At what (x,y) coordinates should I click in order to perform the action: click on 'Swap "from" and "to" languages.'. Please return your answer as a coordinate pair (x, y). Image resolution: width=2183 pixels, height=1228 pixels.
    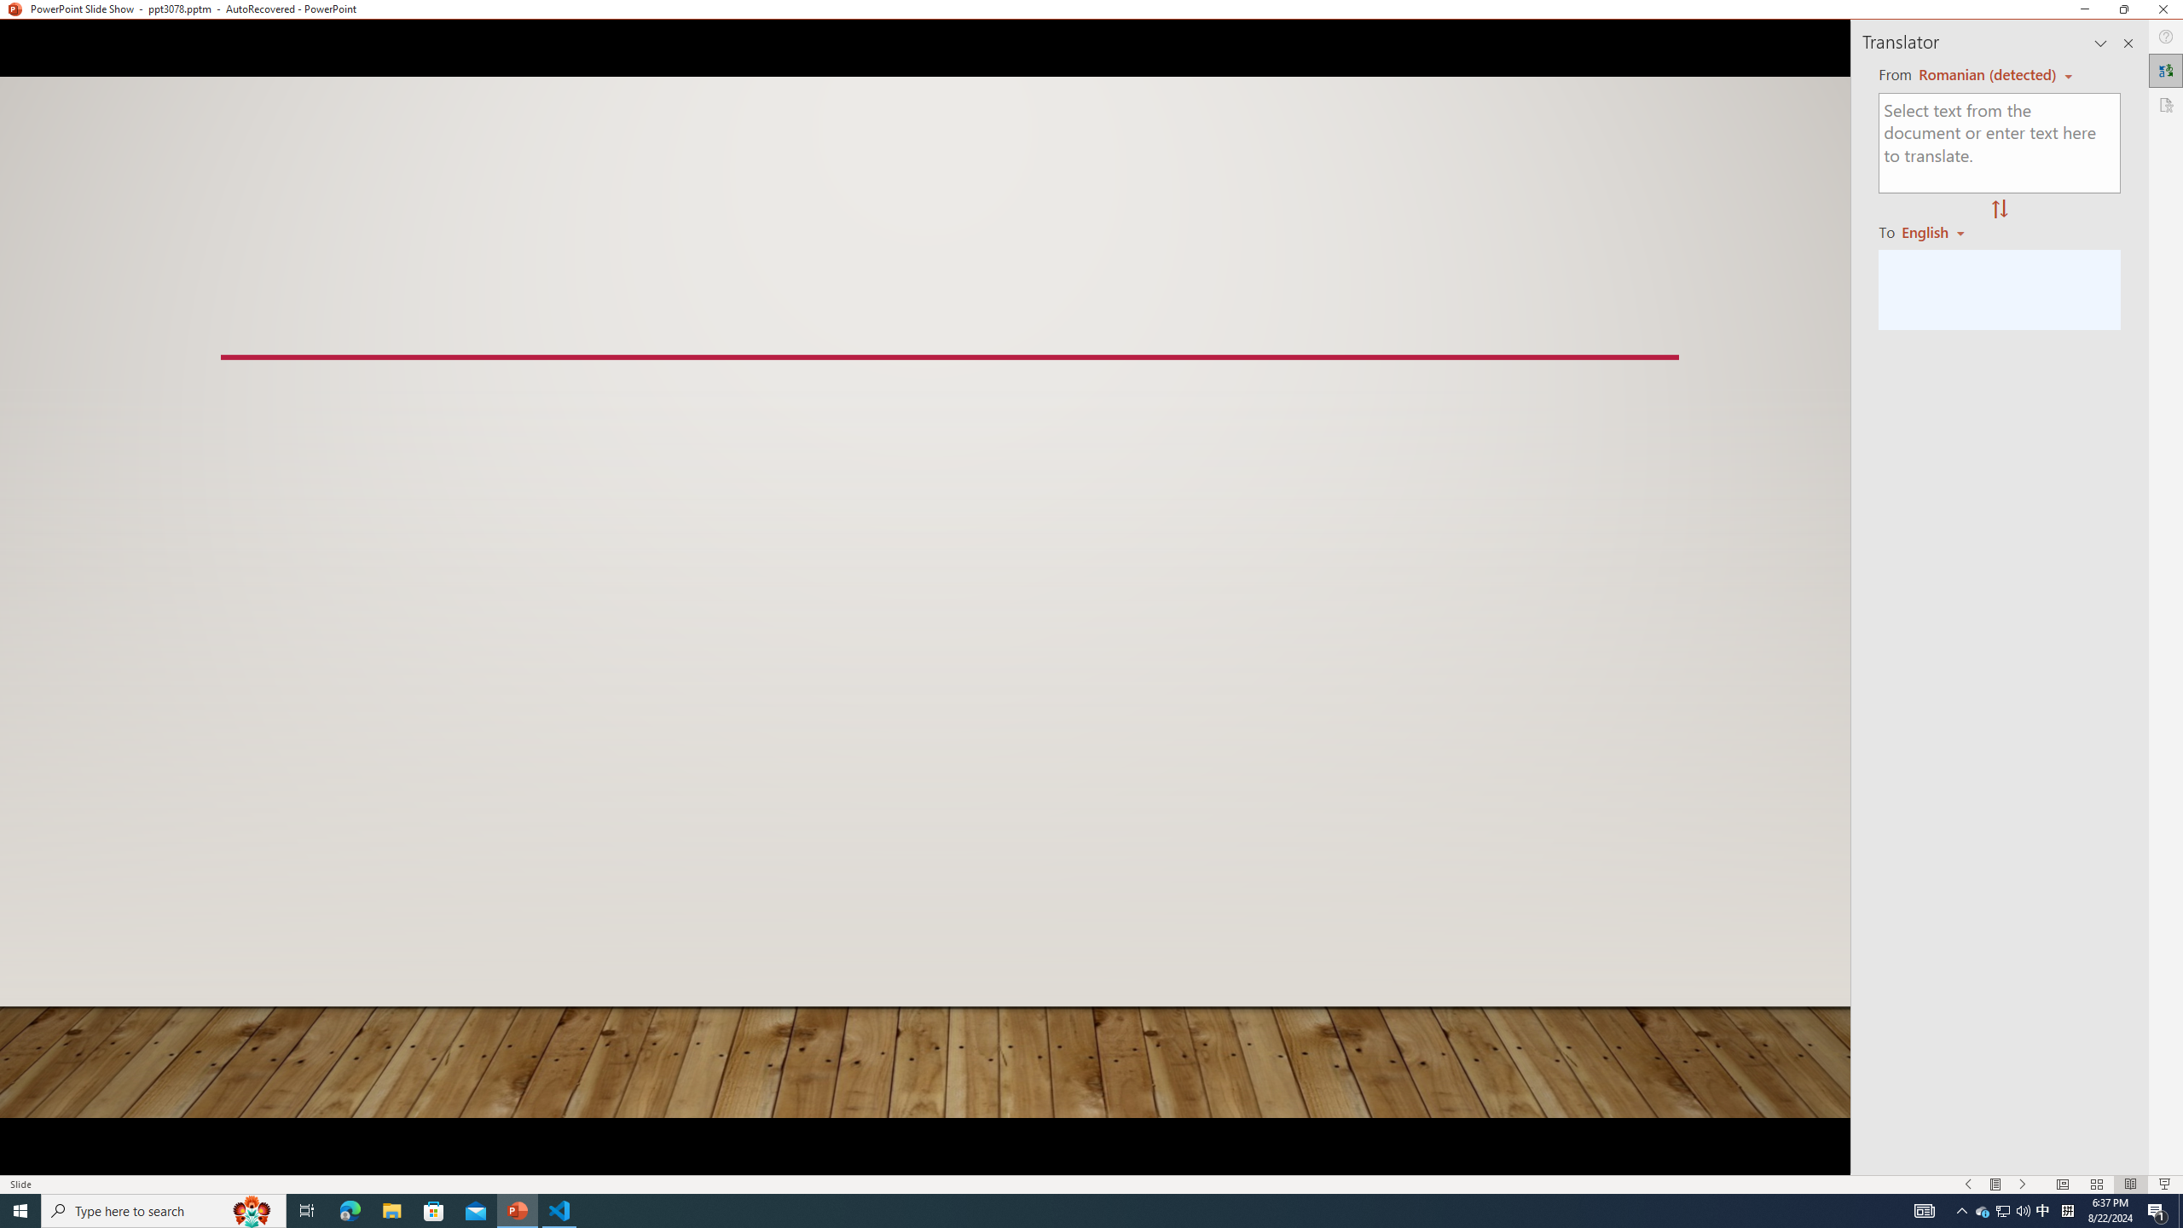
    Looking at the image, I should click on (1998, 209).